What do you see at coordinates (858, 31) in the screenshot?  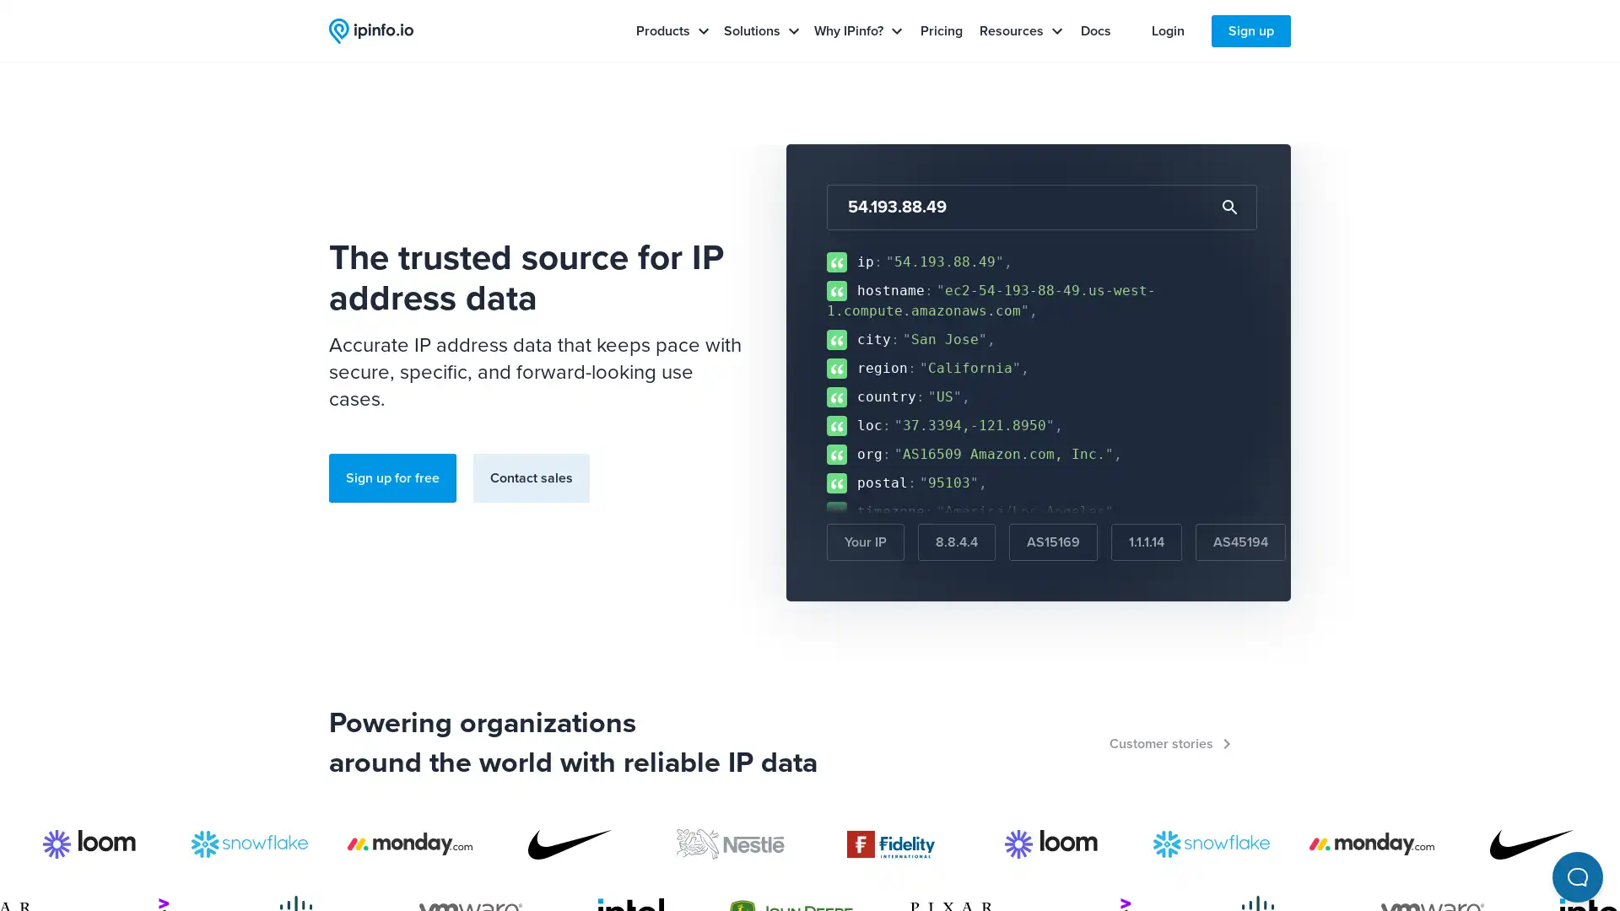 I see `Why IPinfo?` at bounding box center [858, 31].